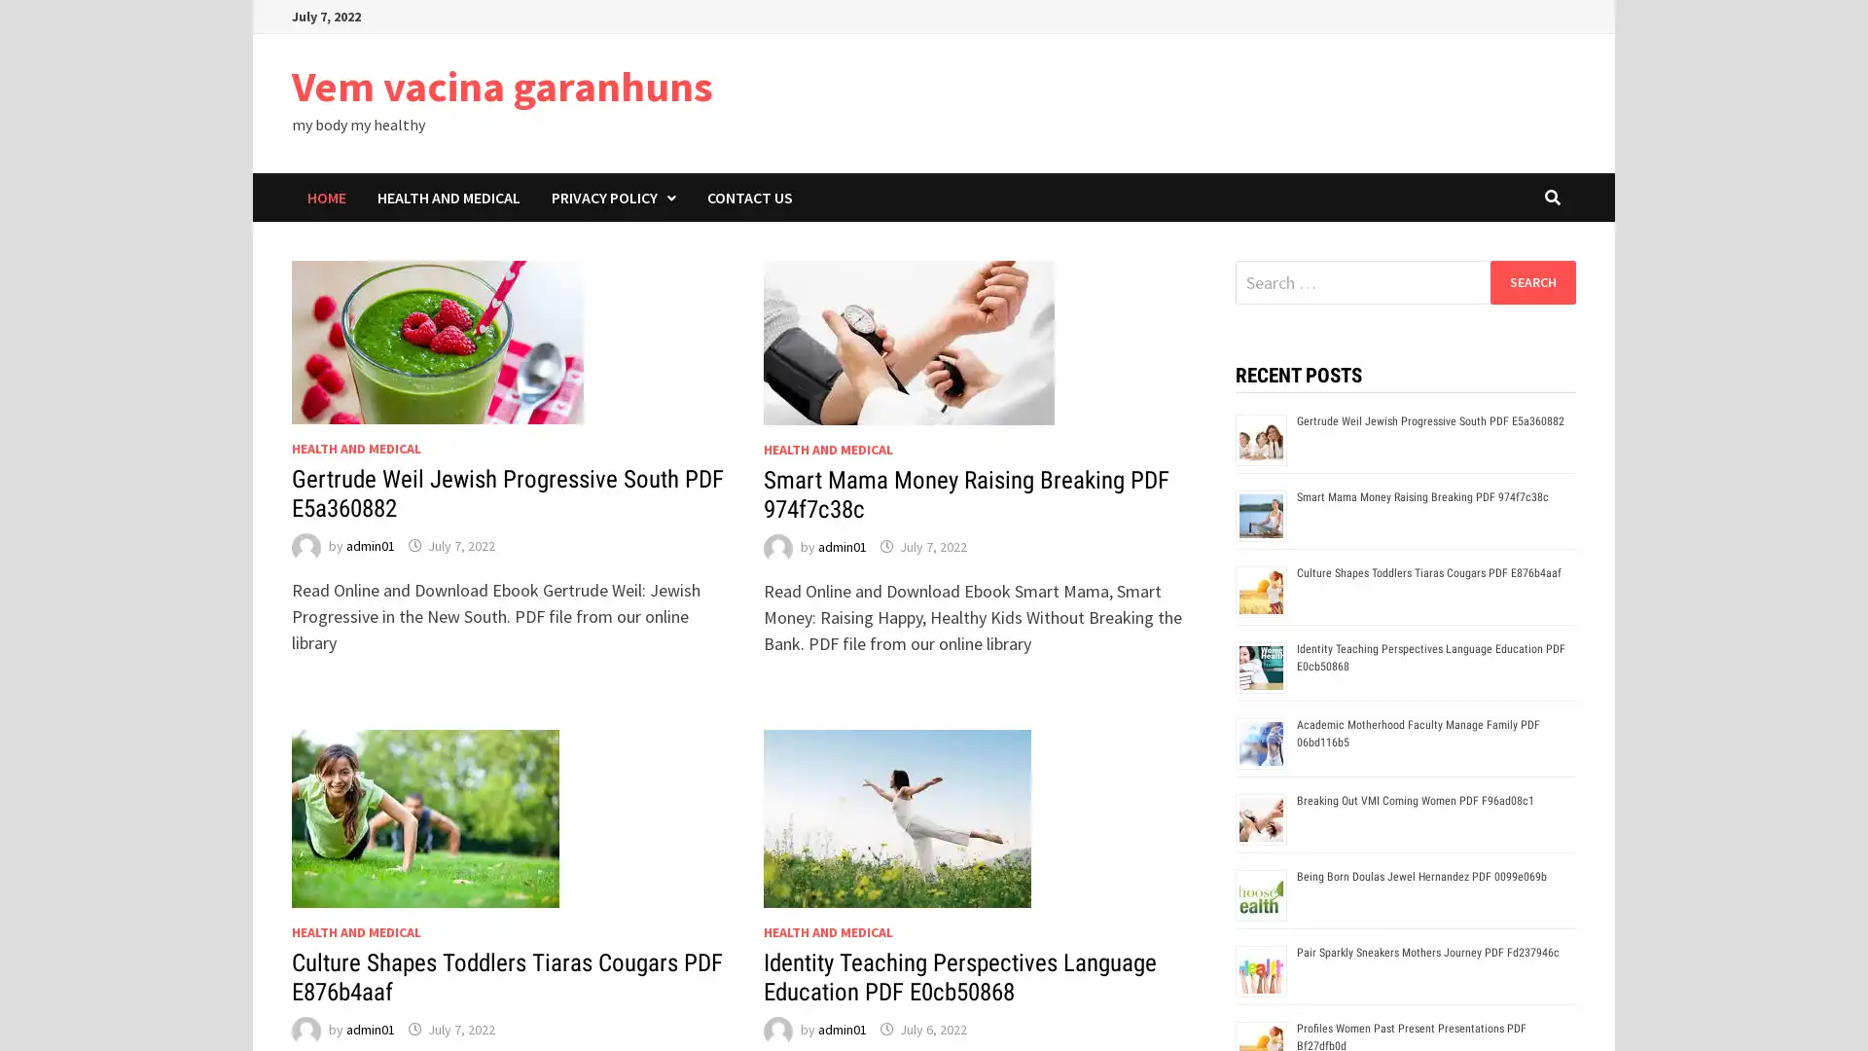 The width and height of the screenshot is (1868, 1051). What do you see at coordinates (1531, 281) in the screenshot?
I see `Search` at bounding box center [1531, 281].